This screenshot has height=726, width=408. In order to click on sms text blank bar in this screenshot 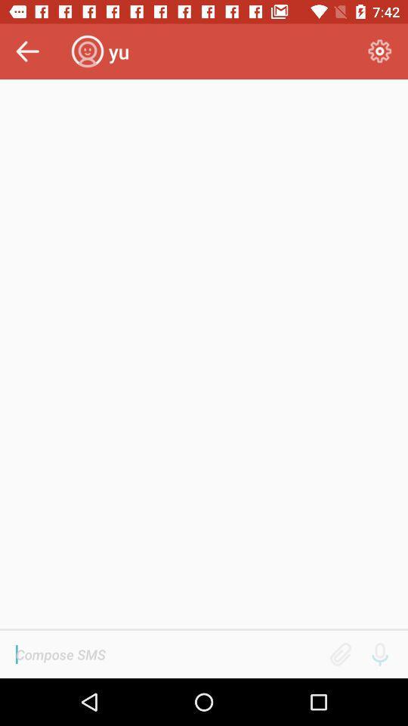, I will do `click(167, 653)`.